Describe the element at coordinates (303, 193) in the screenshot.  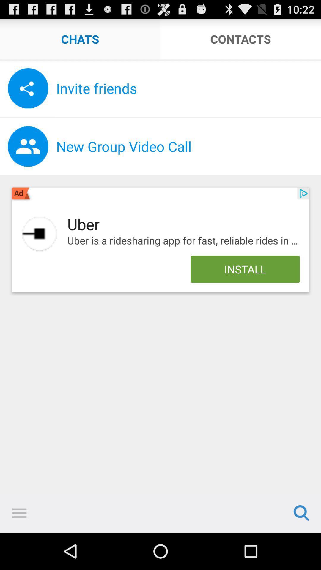
I see `the app below the new group video item` at that location.